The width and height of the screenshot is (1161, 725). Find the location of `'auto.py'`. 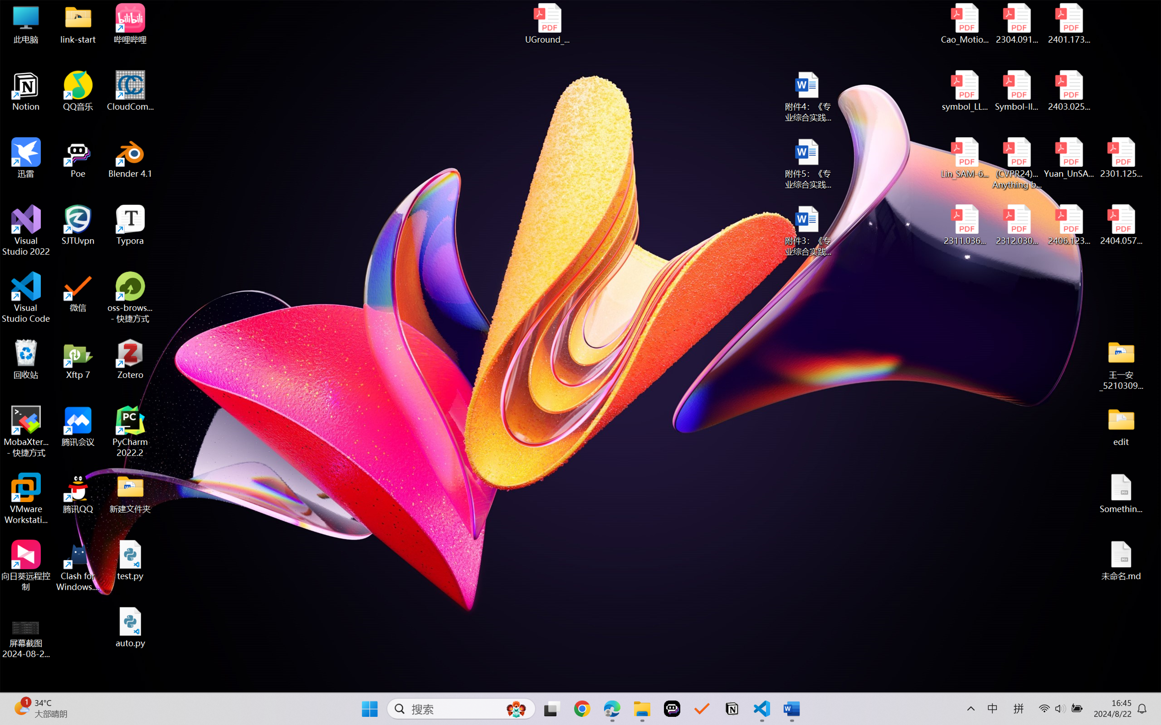

'auto.py' is located at coordinates (130, 627).